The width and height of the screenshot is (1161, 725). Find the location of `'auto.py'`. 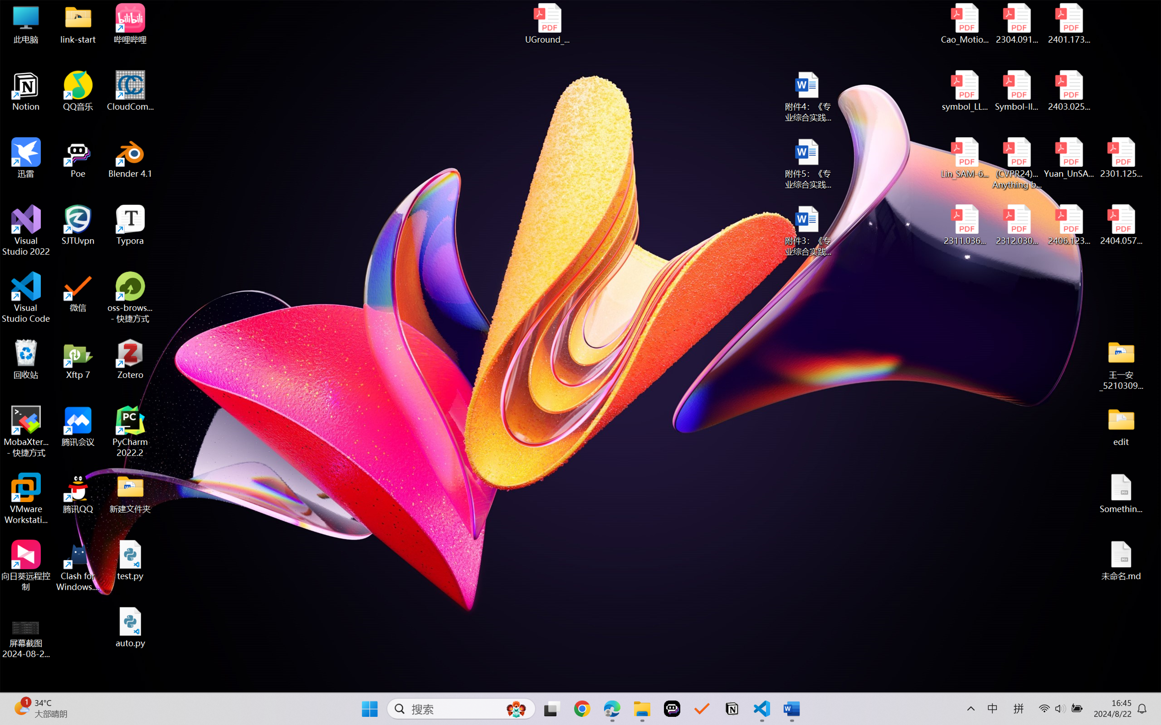

'auto.py' is located at coordinates (130, 627).